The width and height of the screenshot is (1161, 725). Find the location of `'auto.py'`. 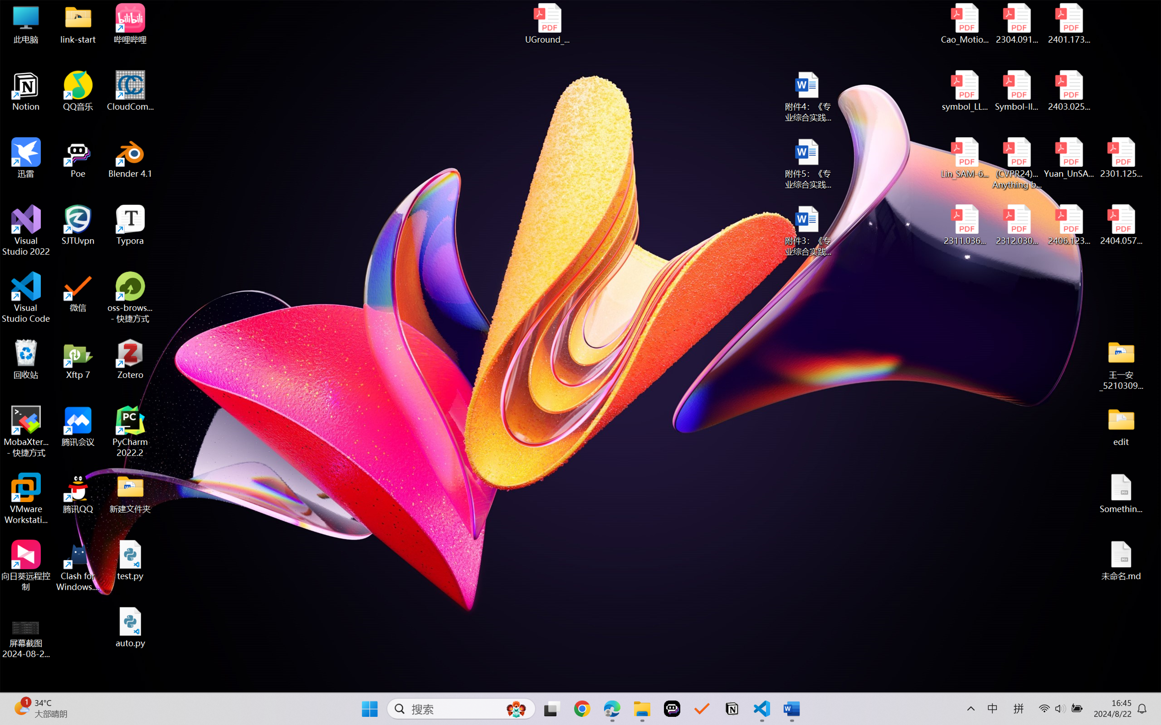

'auto.py' is located at coordinates (130, 627).